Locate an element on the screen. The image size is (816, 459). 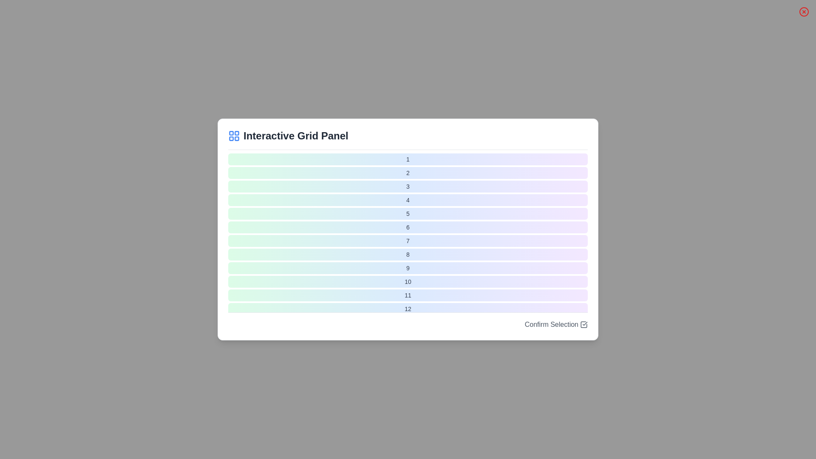
the 'Close' button to close the dialog is located at coordinates (803, 11).